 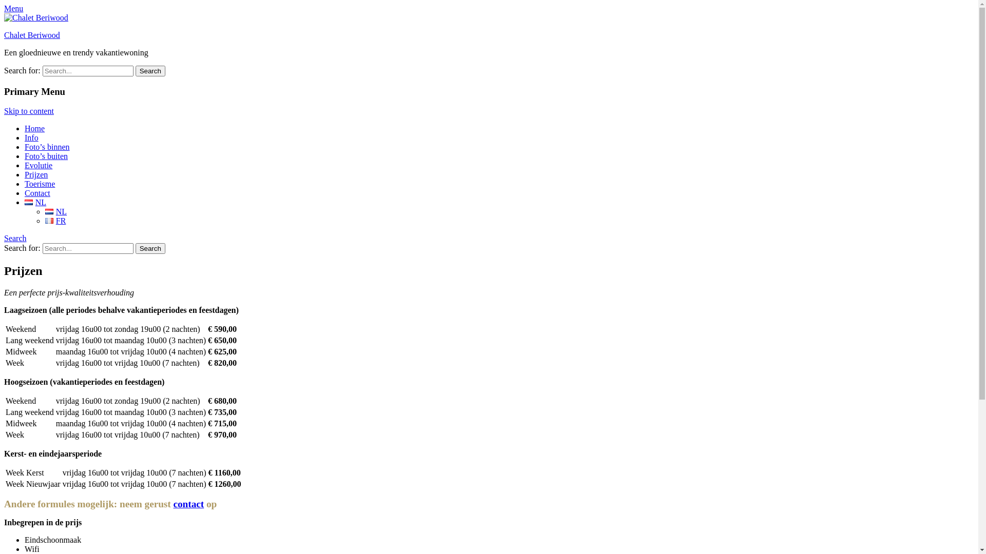 I want to click on 'Chalet Beriwood', so click(x=4, y=34).